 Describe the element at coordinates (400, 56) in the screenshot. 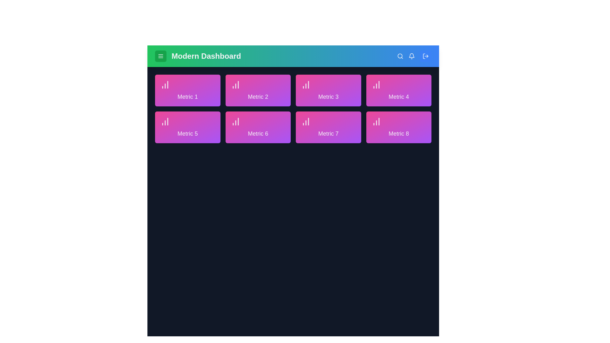

I see `the search icon located in the top-right corner of the AdvancedAppBar` at that location.